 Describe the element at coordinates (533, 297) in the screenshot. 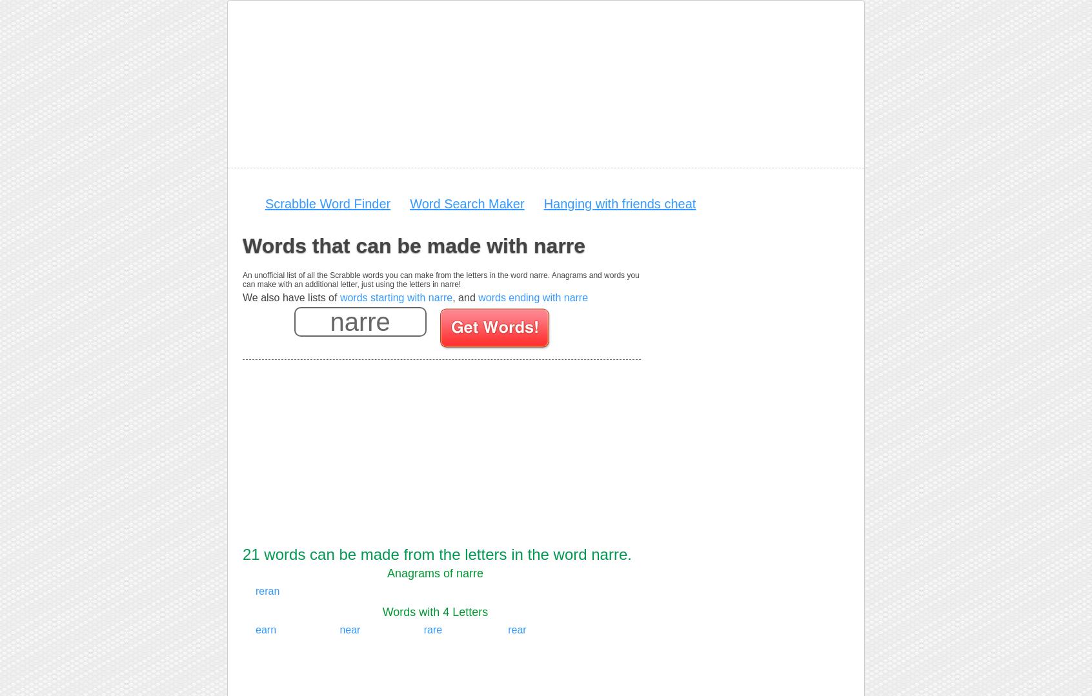

I see `'words ending with narre'` at that location.